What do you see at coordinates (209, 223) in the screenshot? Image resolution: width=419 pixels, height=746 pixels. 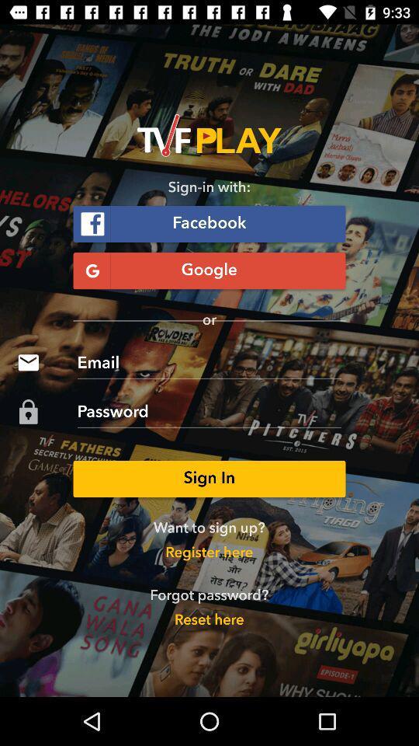 I see `a f facebook on a page` at bounding box center [209, 223].